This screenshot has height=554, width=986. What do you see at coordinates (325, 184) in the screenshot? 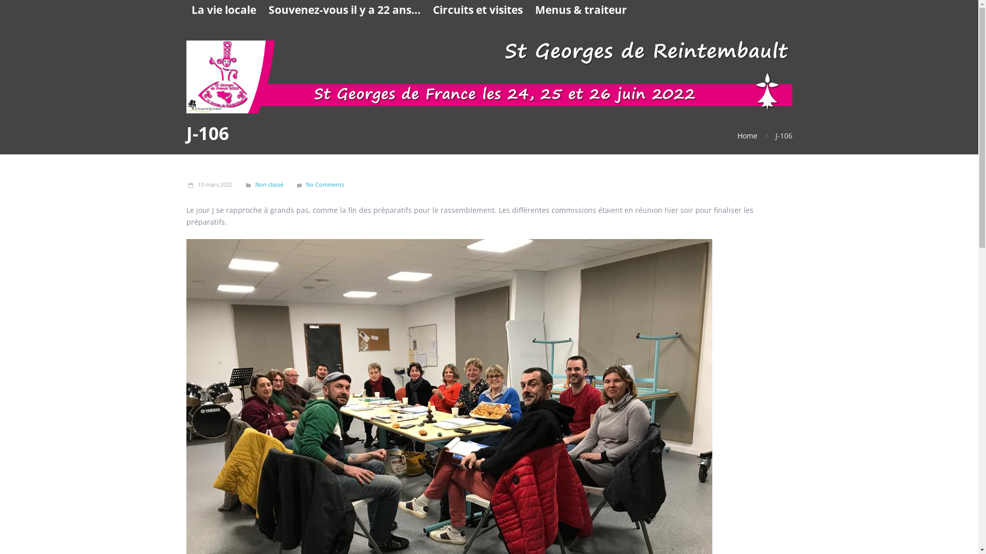
I see `'No Comments'` at bounding box center [325, 184].